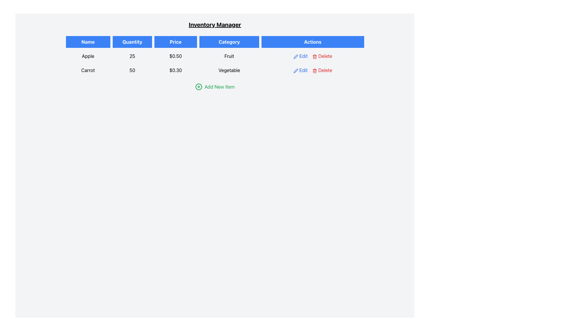 The image size is (568, 319). I want to click on the 'Name' text label of the second row in the inventory item table to read the text, so click(88, 70).